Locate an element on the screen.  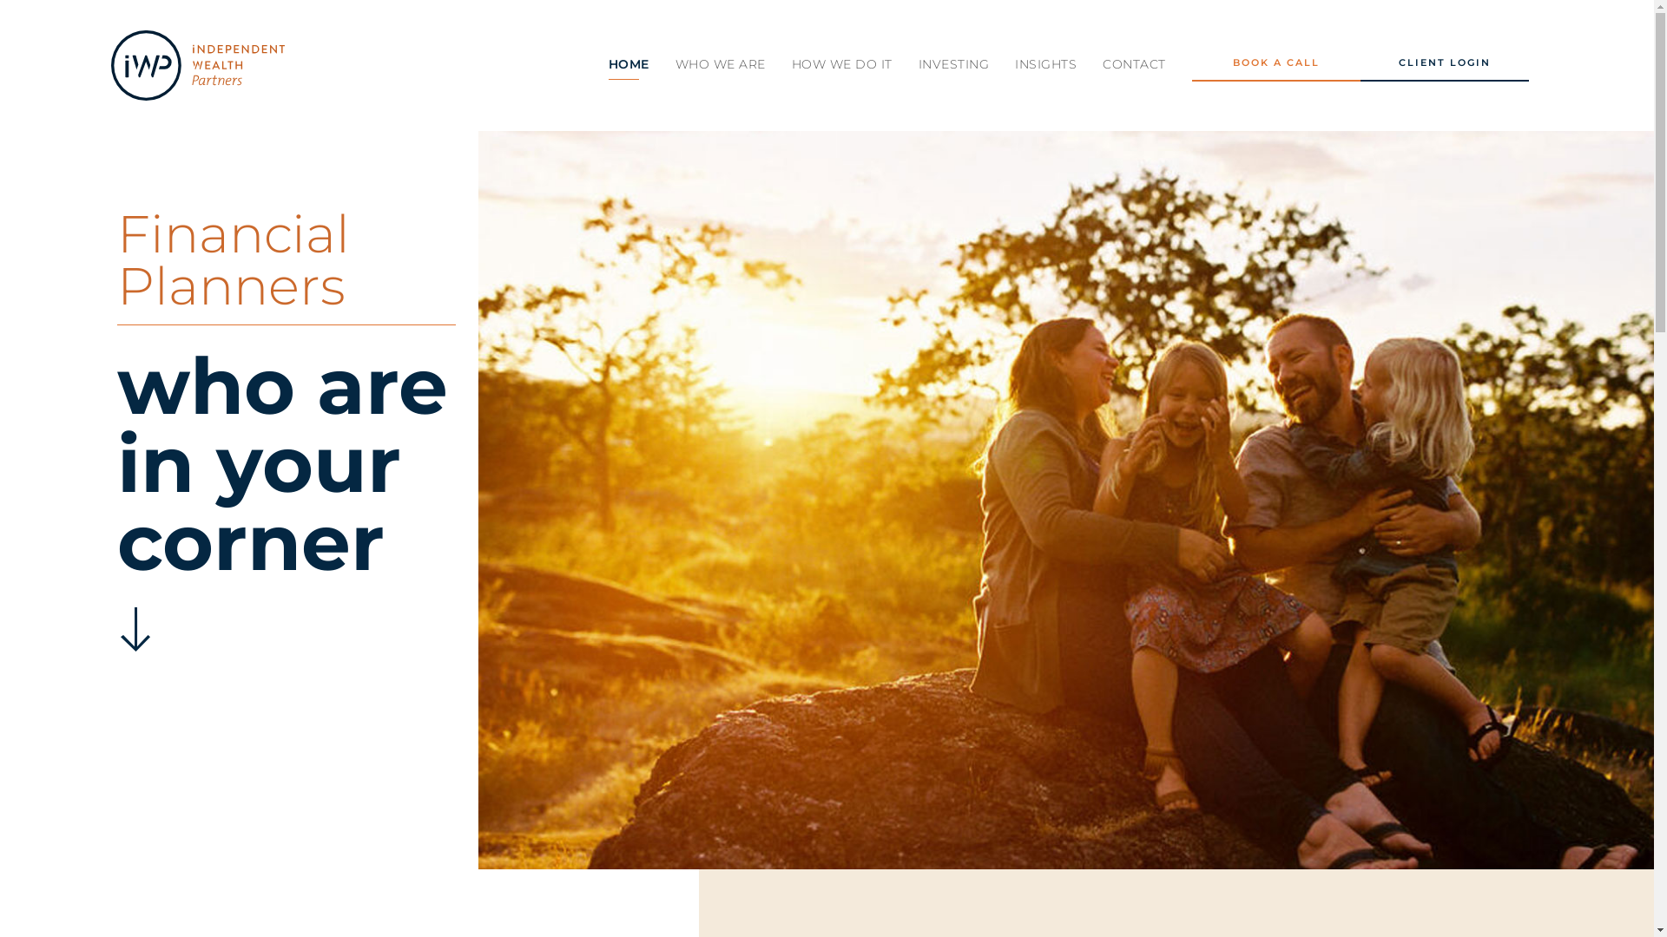
'INSIGHTS' is located at coordinates (1015, 62).